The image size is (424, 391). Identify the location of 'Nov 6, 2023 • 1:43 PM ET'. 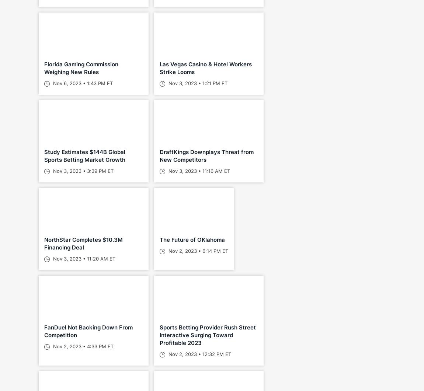
(81, 83).